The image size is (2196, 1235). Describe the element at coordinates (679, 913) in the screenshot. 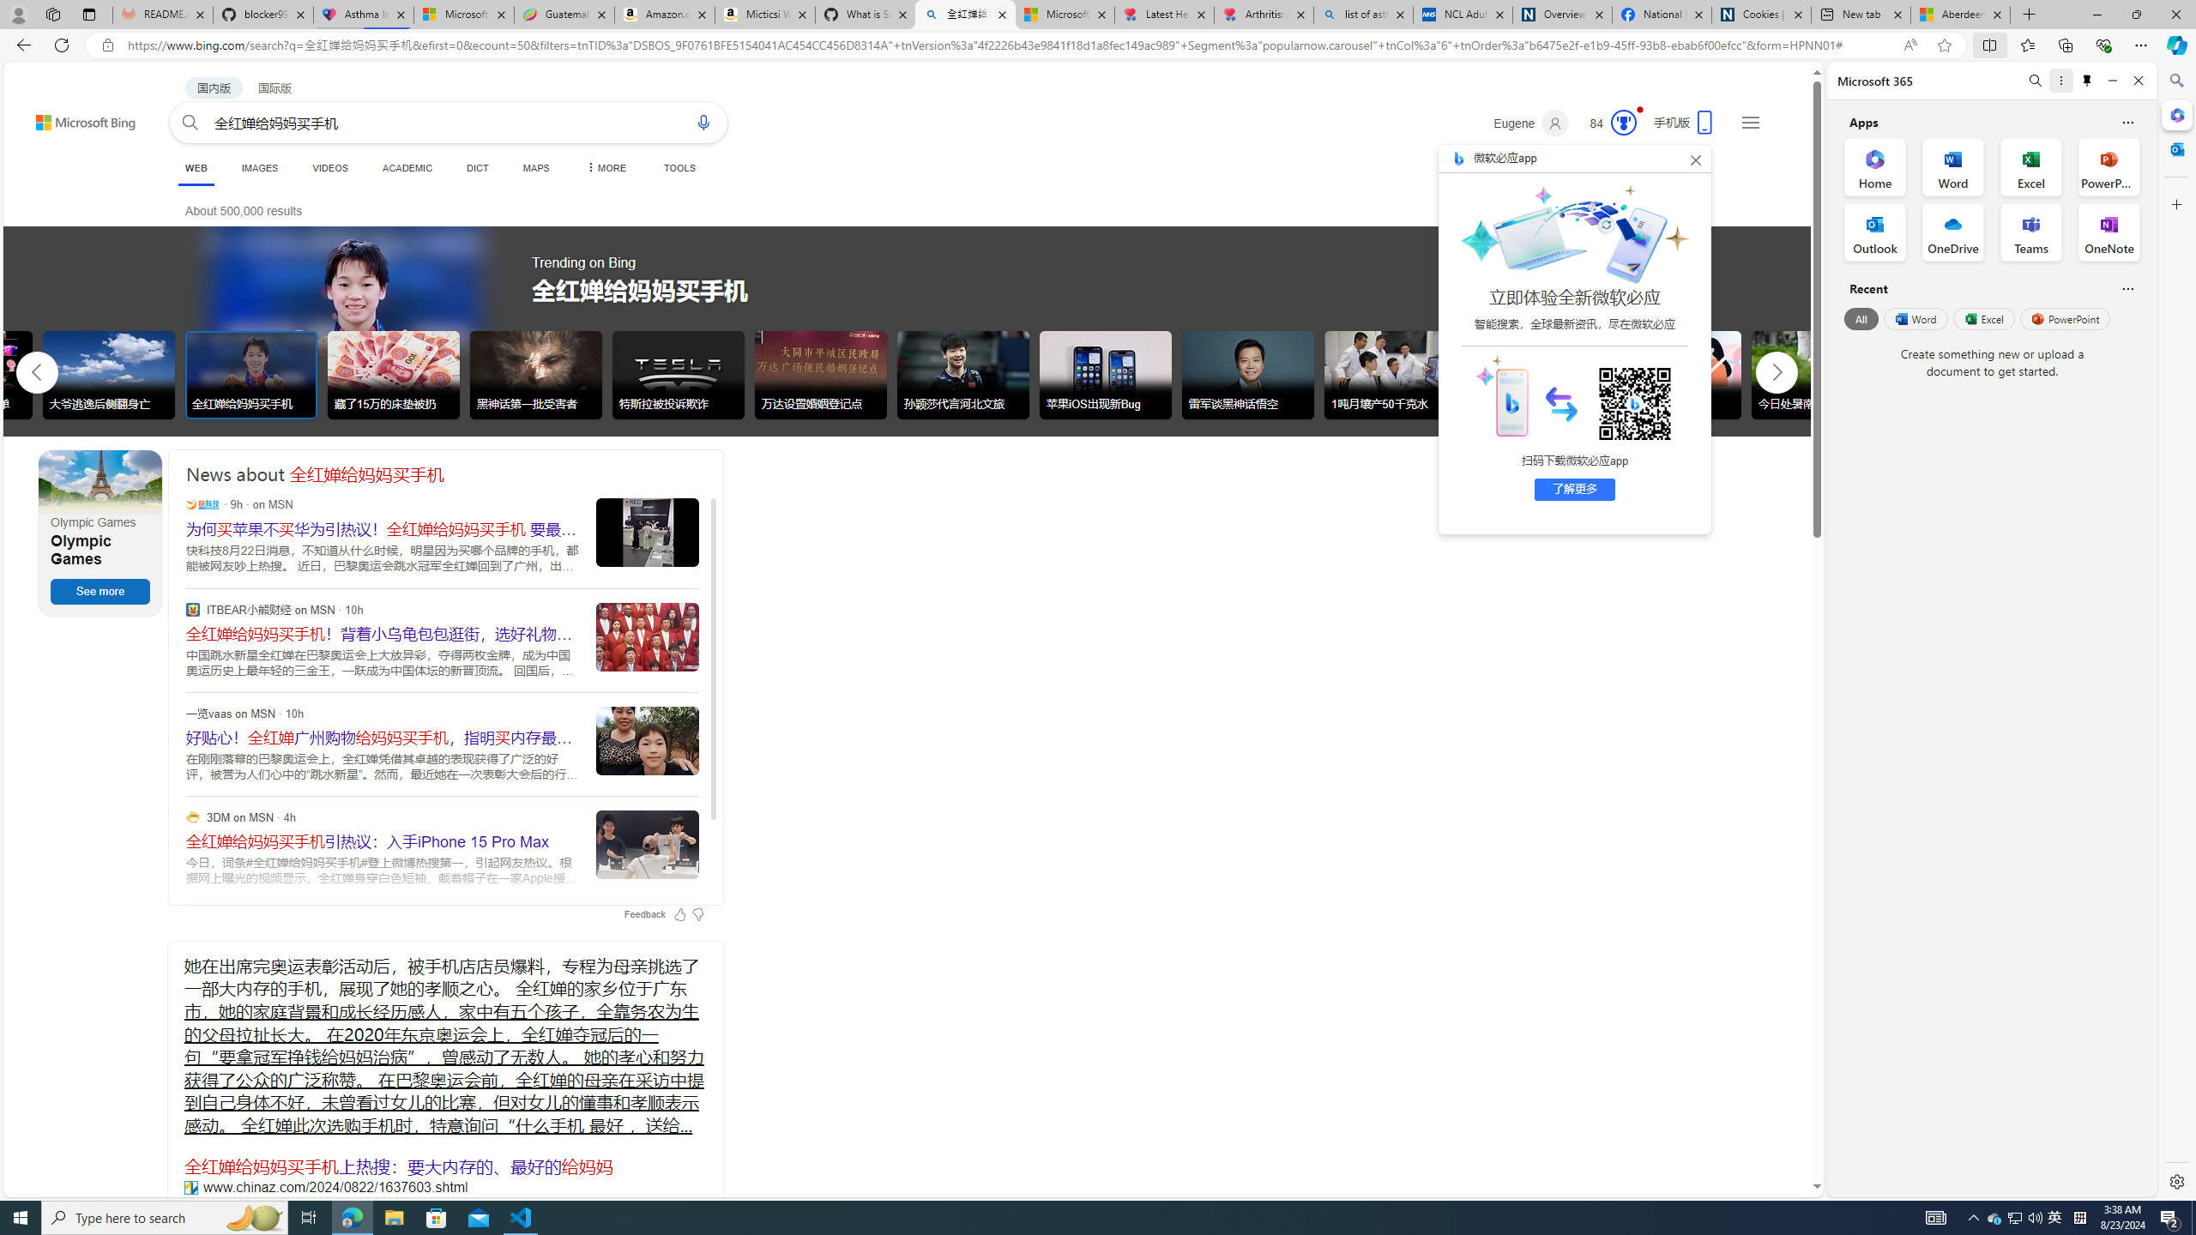

I see `'Feedback Like'` at that location.